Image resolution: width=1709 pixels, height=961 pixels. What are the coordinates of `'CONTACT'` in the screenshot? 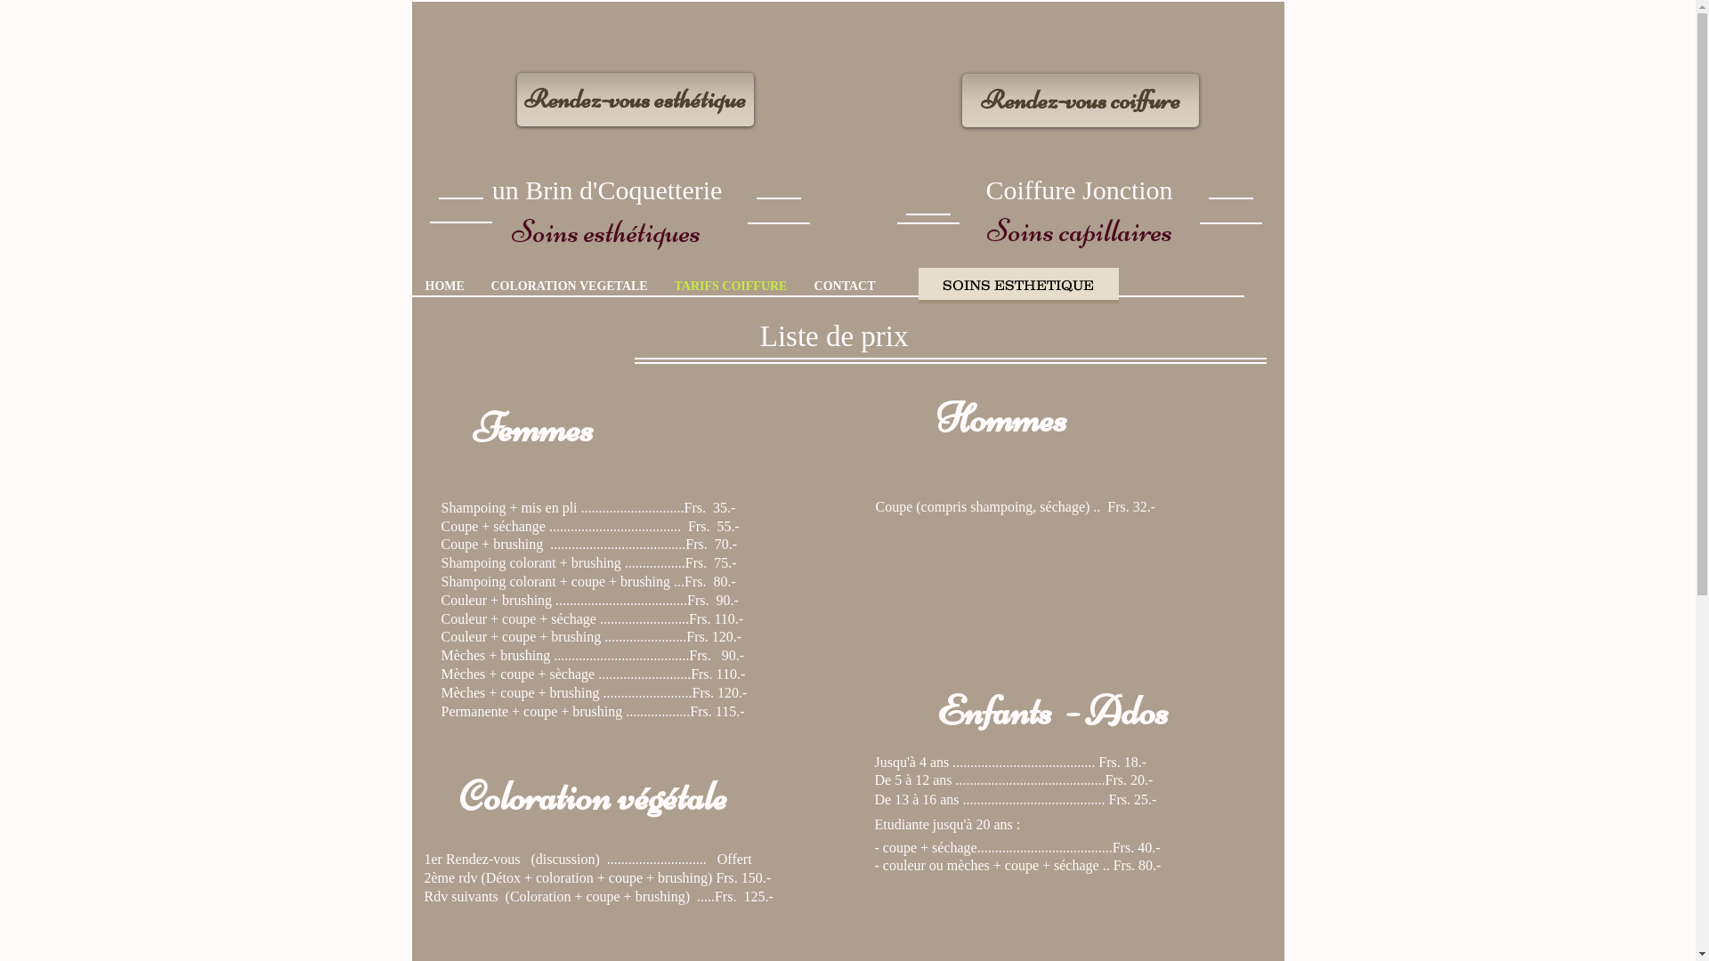 It's located at (844, 285).